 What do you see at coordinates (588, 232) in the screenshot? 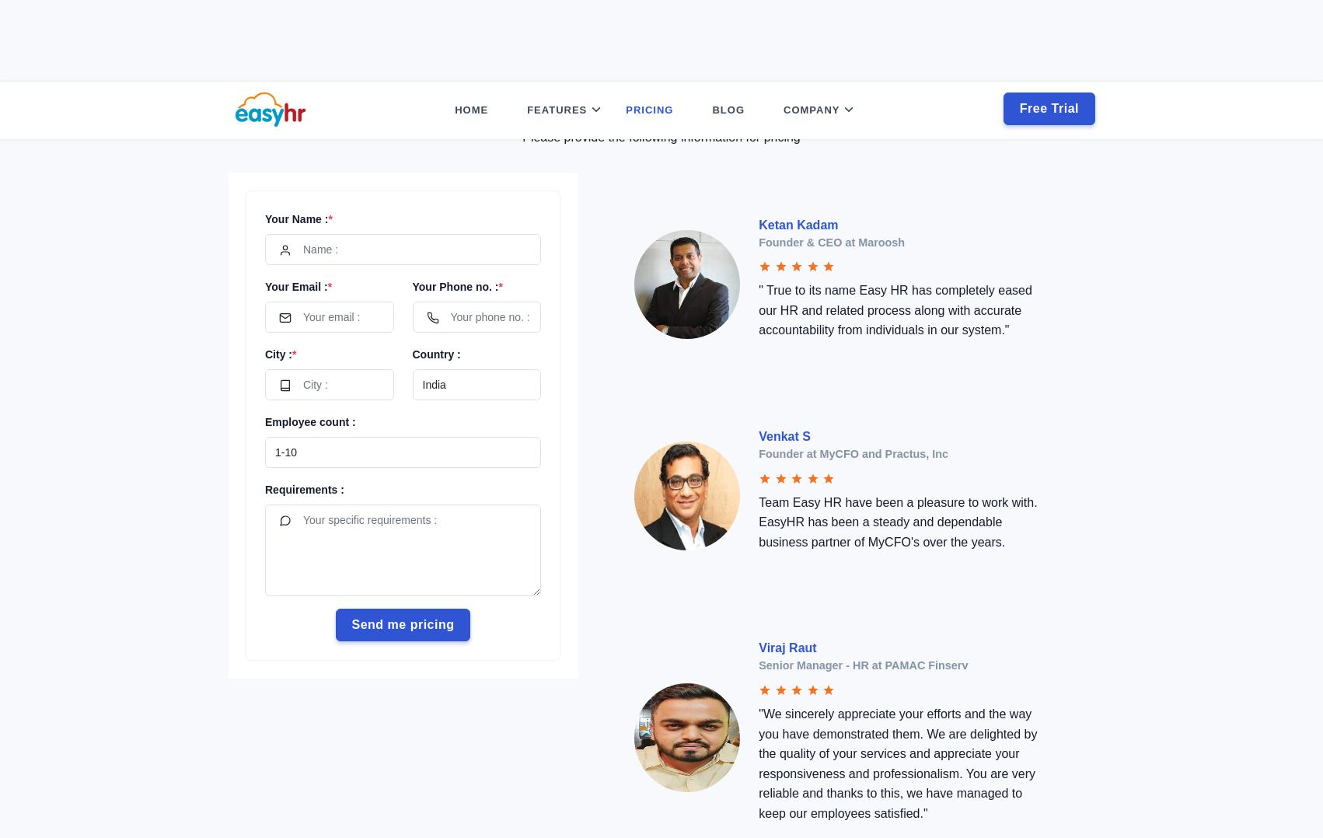
I see `'Employee Self Service'` at bounding box center [588, 232].